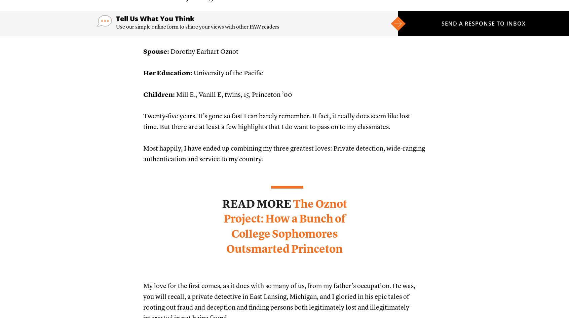  Describe the element at coordinates (159, 94) in the screenshot. I see `'Children:'` at that location.